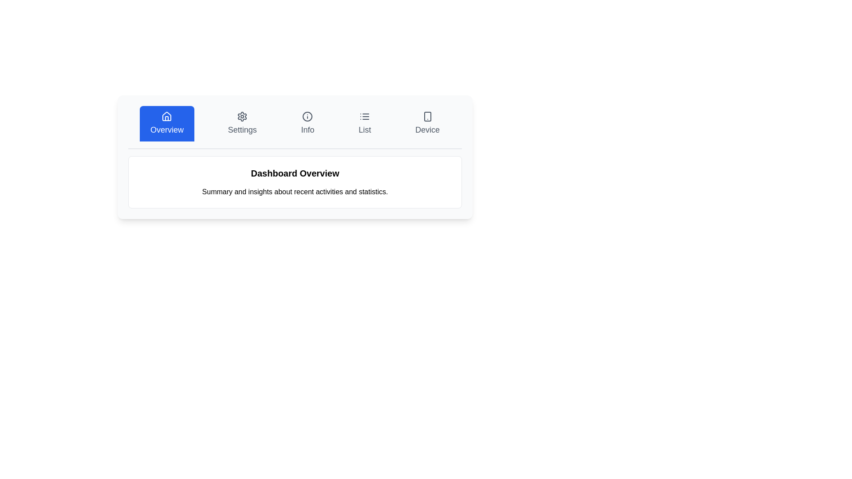  What do you see at coordinates (295, 182) in the screenshot?
I see `the informational panel that displays an overview of the dashboard, located centrally below the navigation bar and directly under the 'Overview' button` at bounding box center [295, 182].